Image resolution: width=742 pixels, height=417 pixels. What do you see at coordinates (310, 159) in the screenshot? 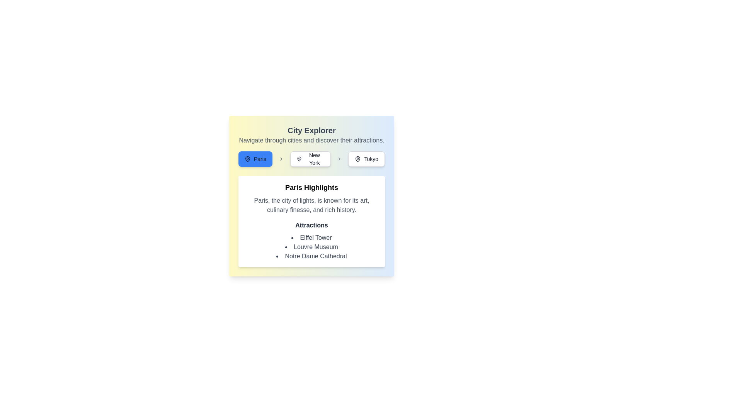
I see `the 'New York' city selection button` at bounding box center [310, 159].